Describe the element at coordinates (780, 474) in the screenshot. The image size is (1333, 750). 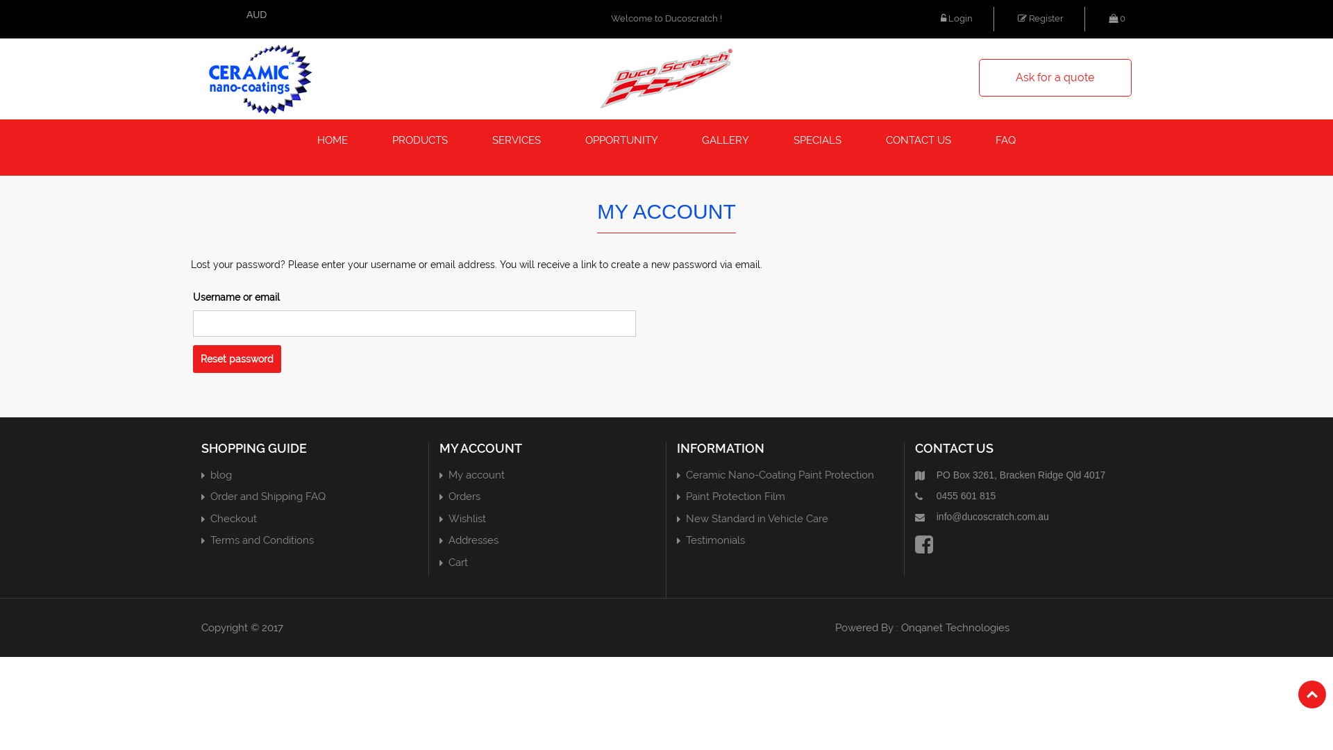
I see `'Ceramic Nano-Coating Paint Protection'` at that location.